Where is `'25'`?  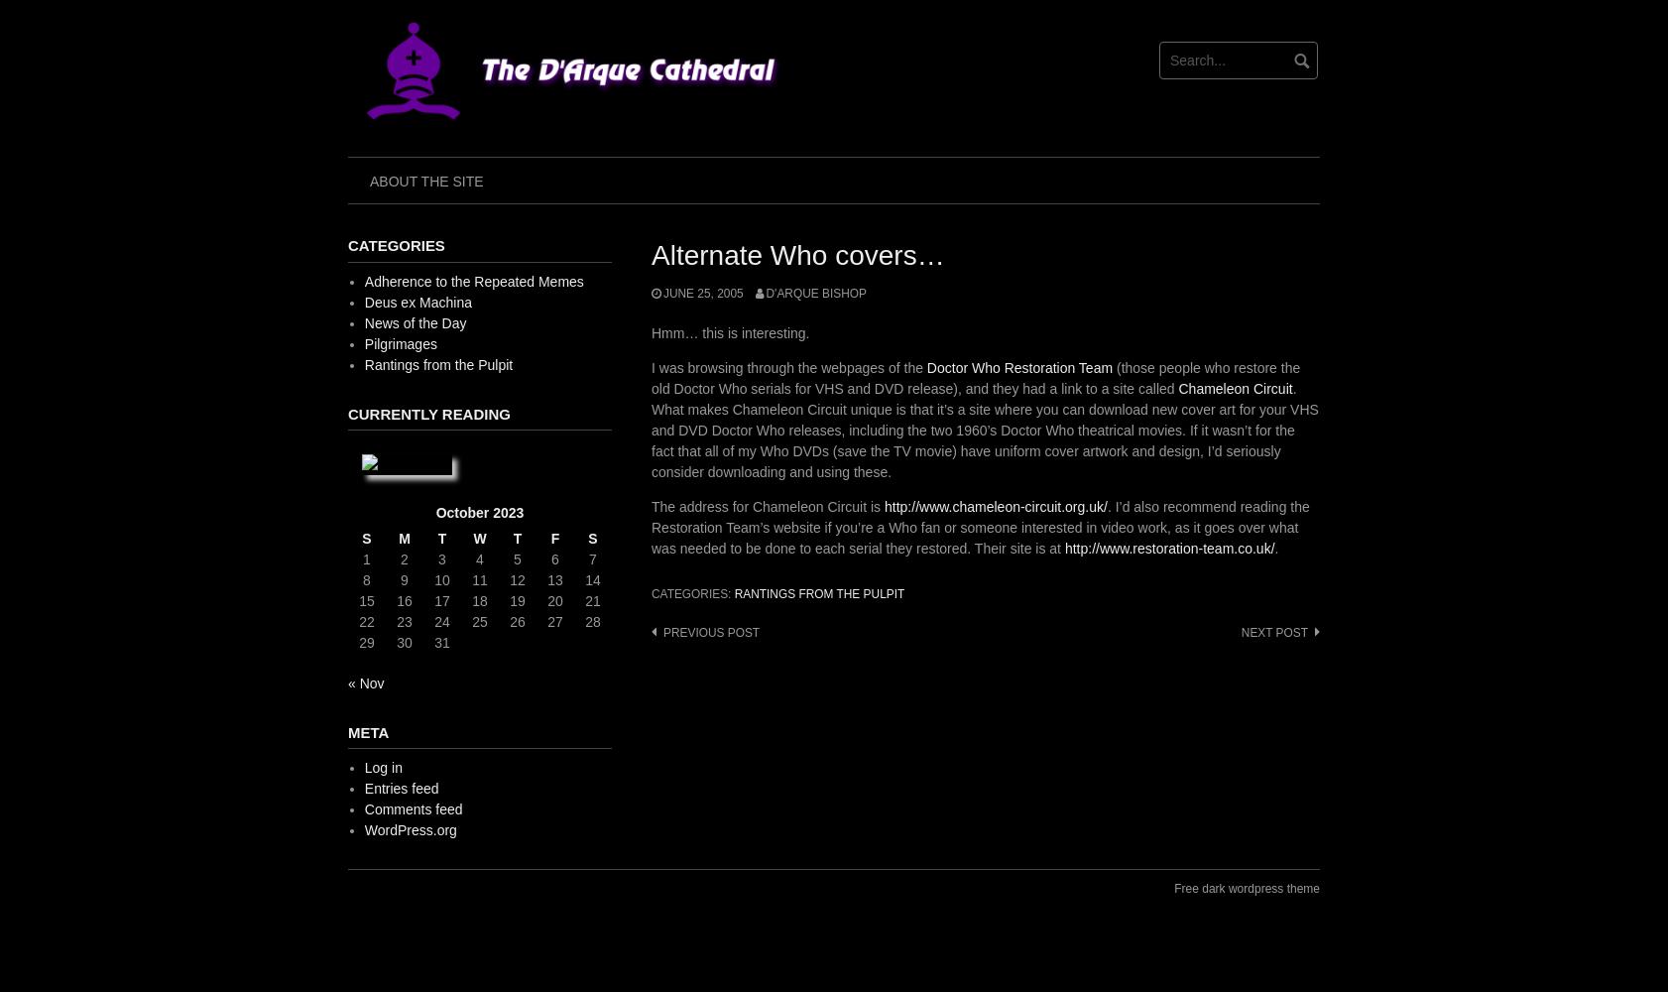
'25' is located at coordinates (479, 621).